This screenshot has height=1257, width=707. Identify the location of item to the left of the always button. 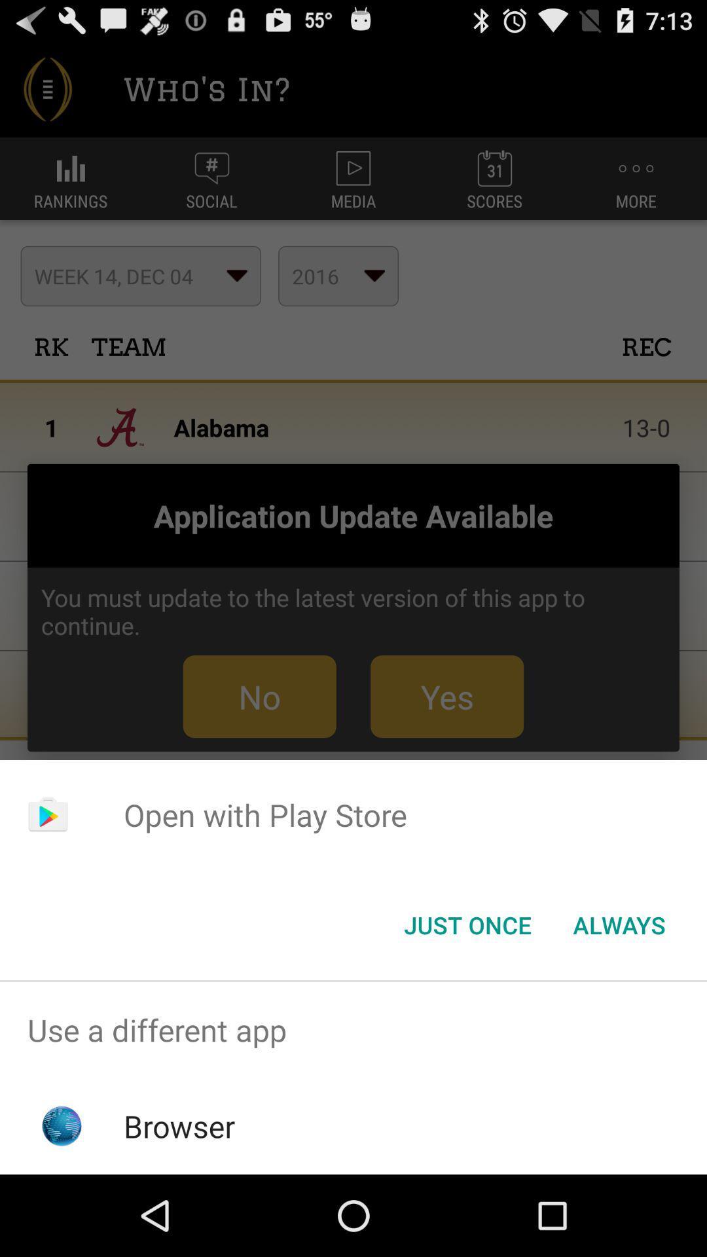
(467, 924).